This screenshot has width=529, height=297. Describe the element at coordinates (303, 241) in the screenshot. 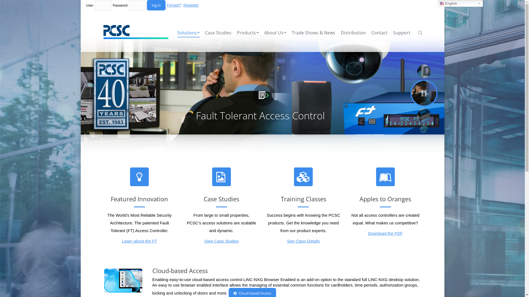

I see `'See Class Details'` at that location.